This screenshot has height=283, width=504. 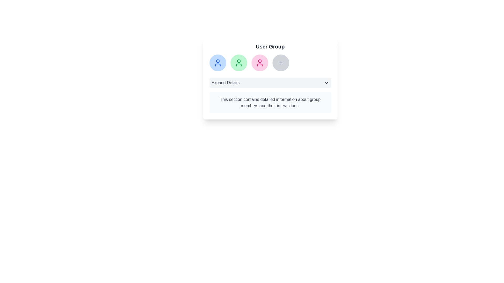 I want to click on the user-related icon located in the horizontal row of circular icons, specifically the second icon from the left, so click(x=238, y=62).